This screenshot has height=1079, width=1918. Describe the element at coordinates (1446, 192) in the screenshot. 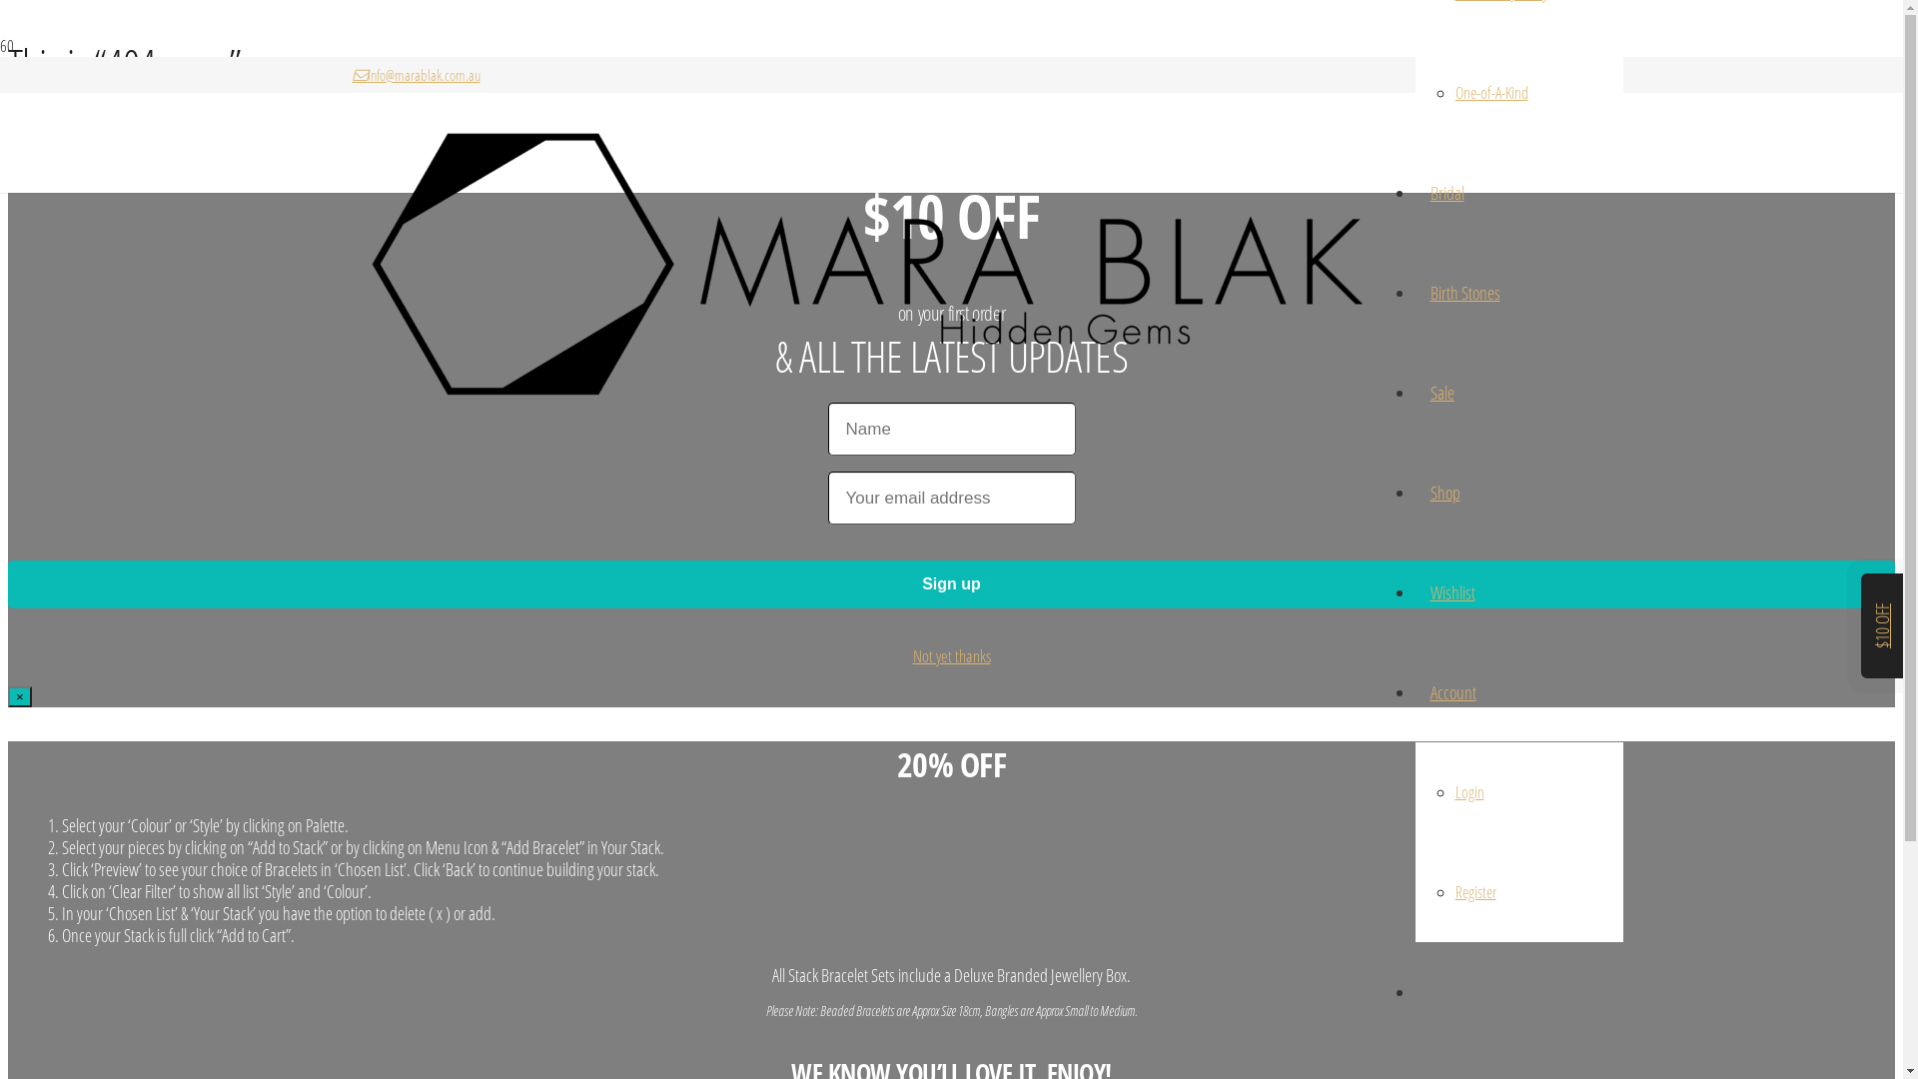

I see `'Bridal'` at that location.